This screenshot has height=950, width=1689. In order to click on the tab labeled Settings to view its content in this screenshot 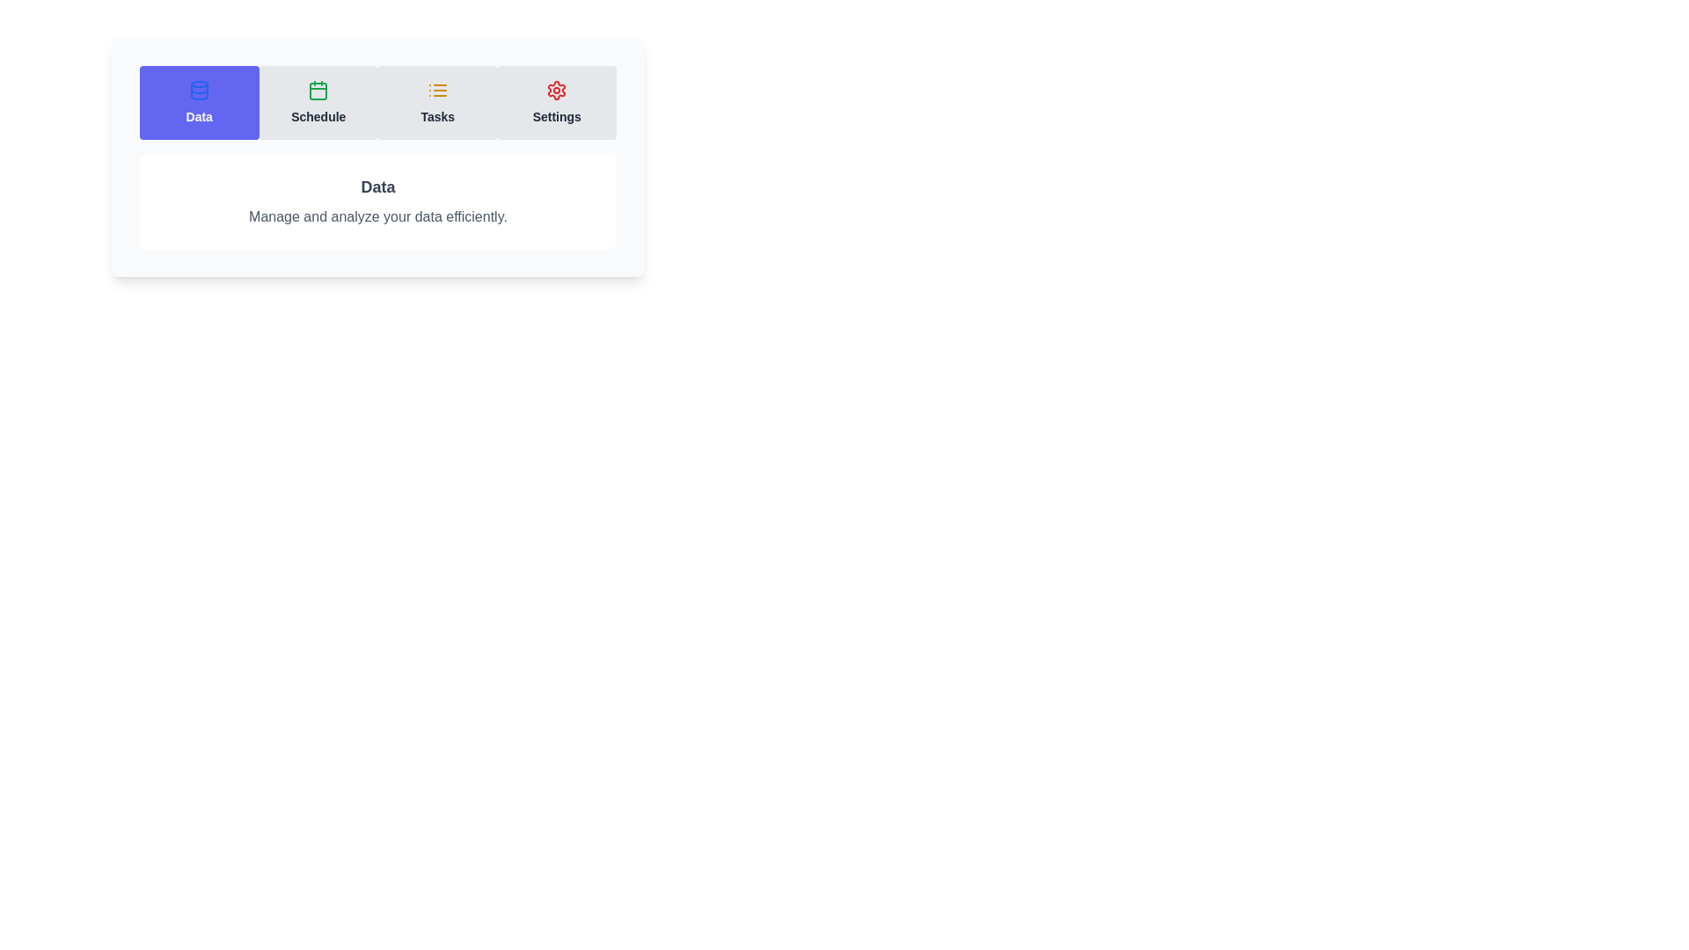, I will do `click(556, 102)`.